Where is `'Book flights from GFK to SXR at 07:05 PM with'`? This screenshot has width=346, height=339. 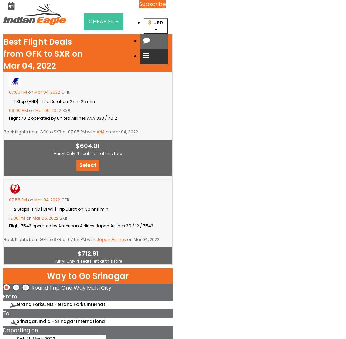
'Book flights from GFK to SXR at 07:05 PM with' is located at coordinates (50, 131).